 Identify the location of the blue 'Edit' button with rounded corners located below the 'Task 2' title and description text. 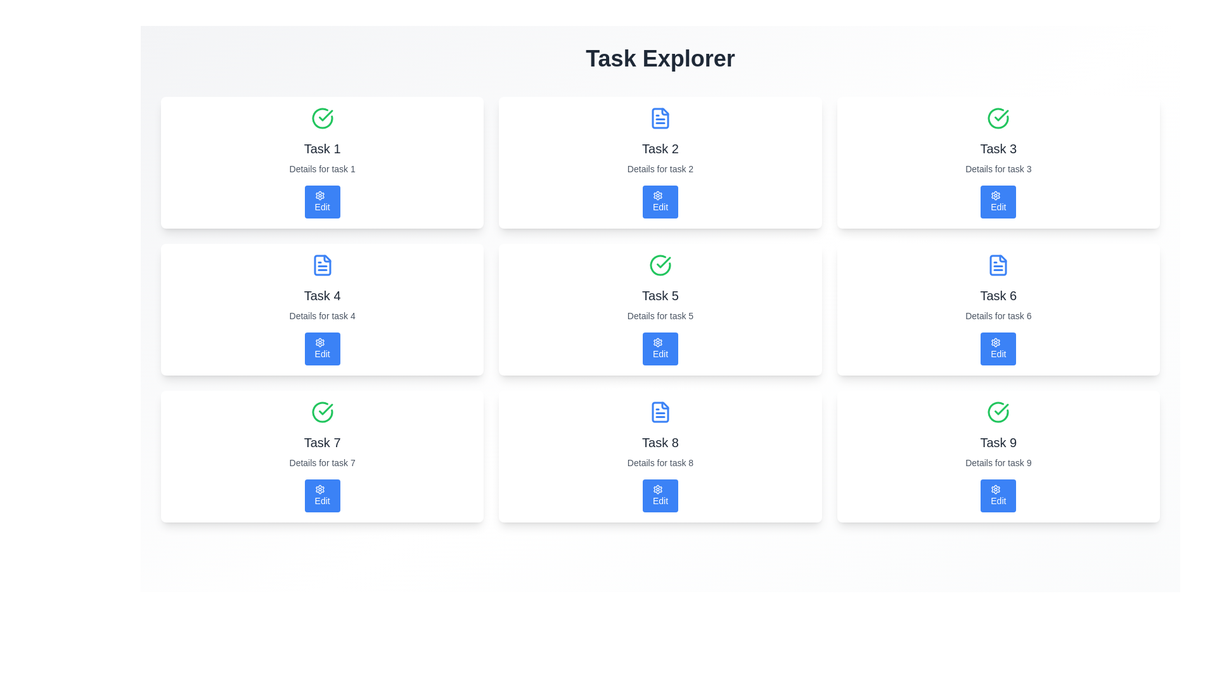
(659, 201).